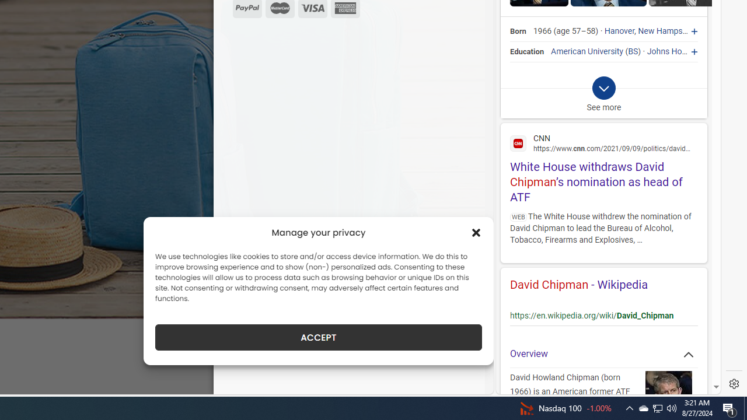  I want to click on 'ACCEPT', so click(318, 337).